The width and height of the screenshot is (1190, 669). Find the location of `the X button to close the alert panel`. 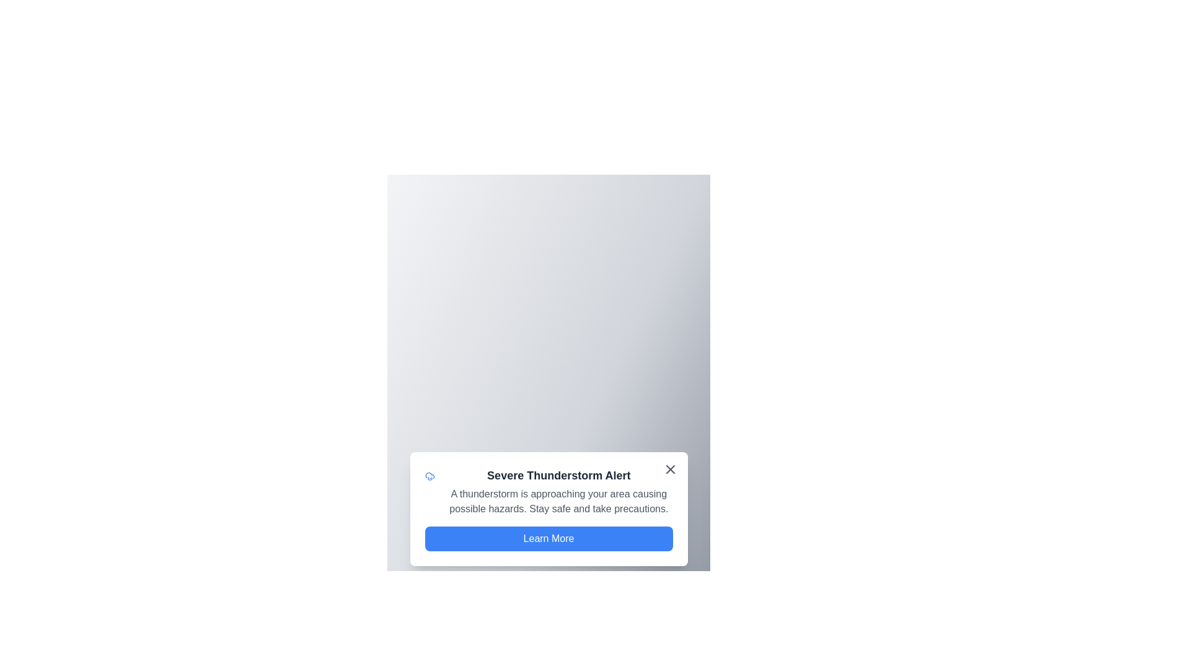

the X button to close the alert panel is located at coordinates (669, 470).